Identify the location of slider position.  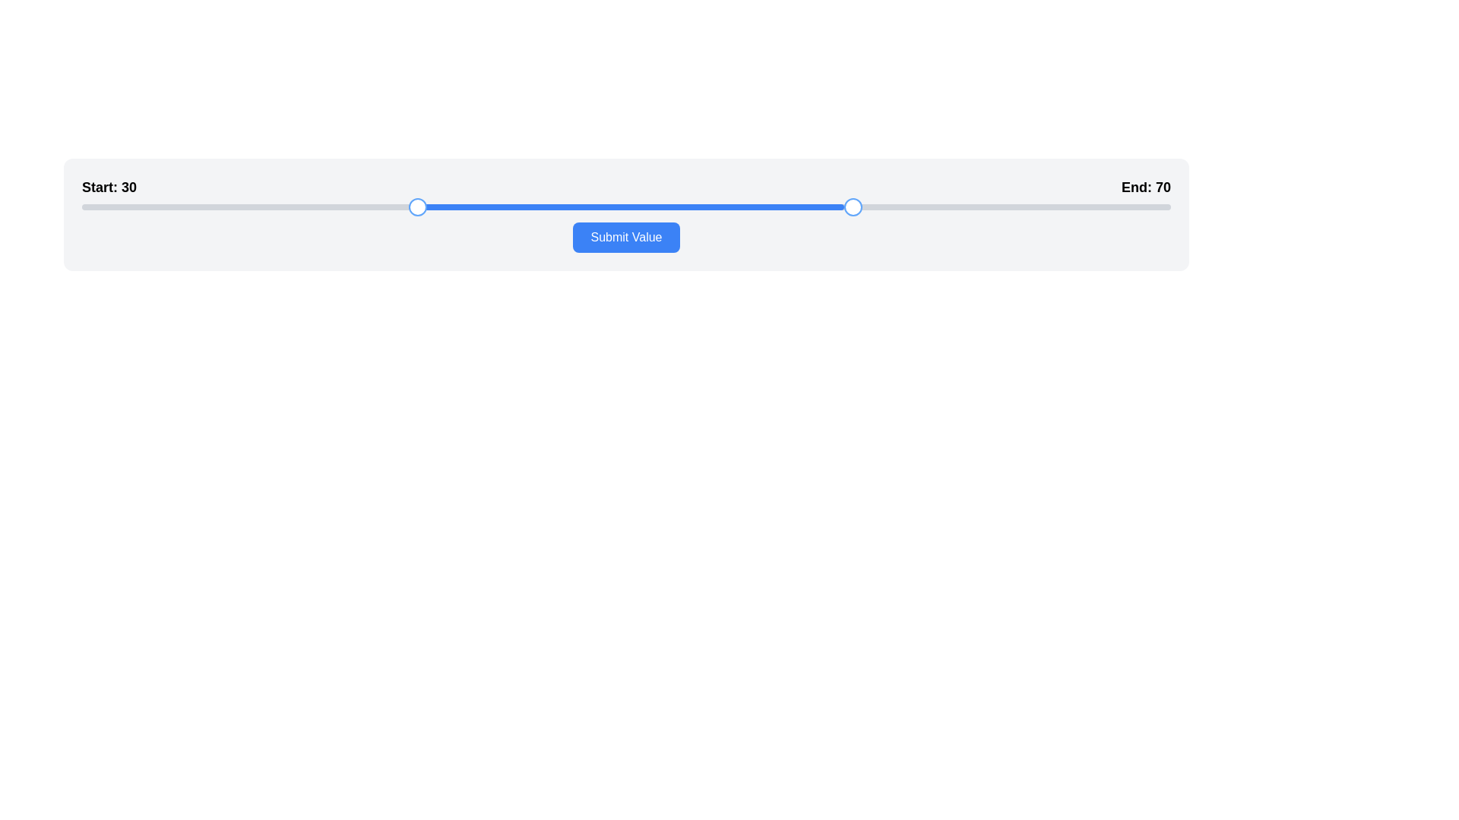
(231, 207).